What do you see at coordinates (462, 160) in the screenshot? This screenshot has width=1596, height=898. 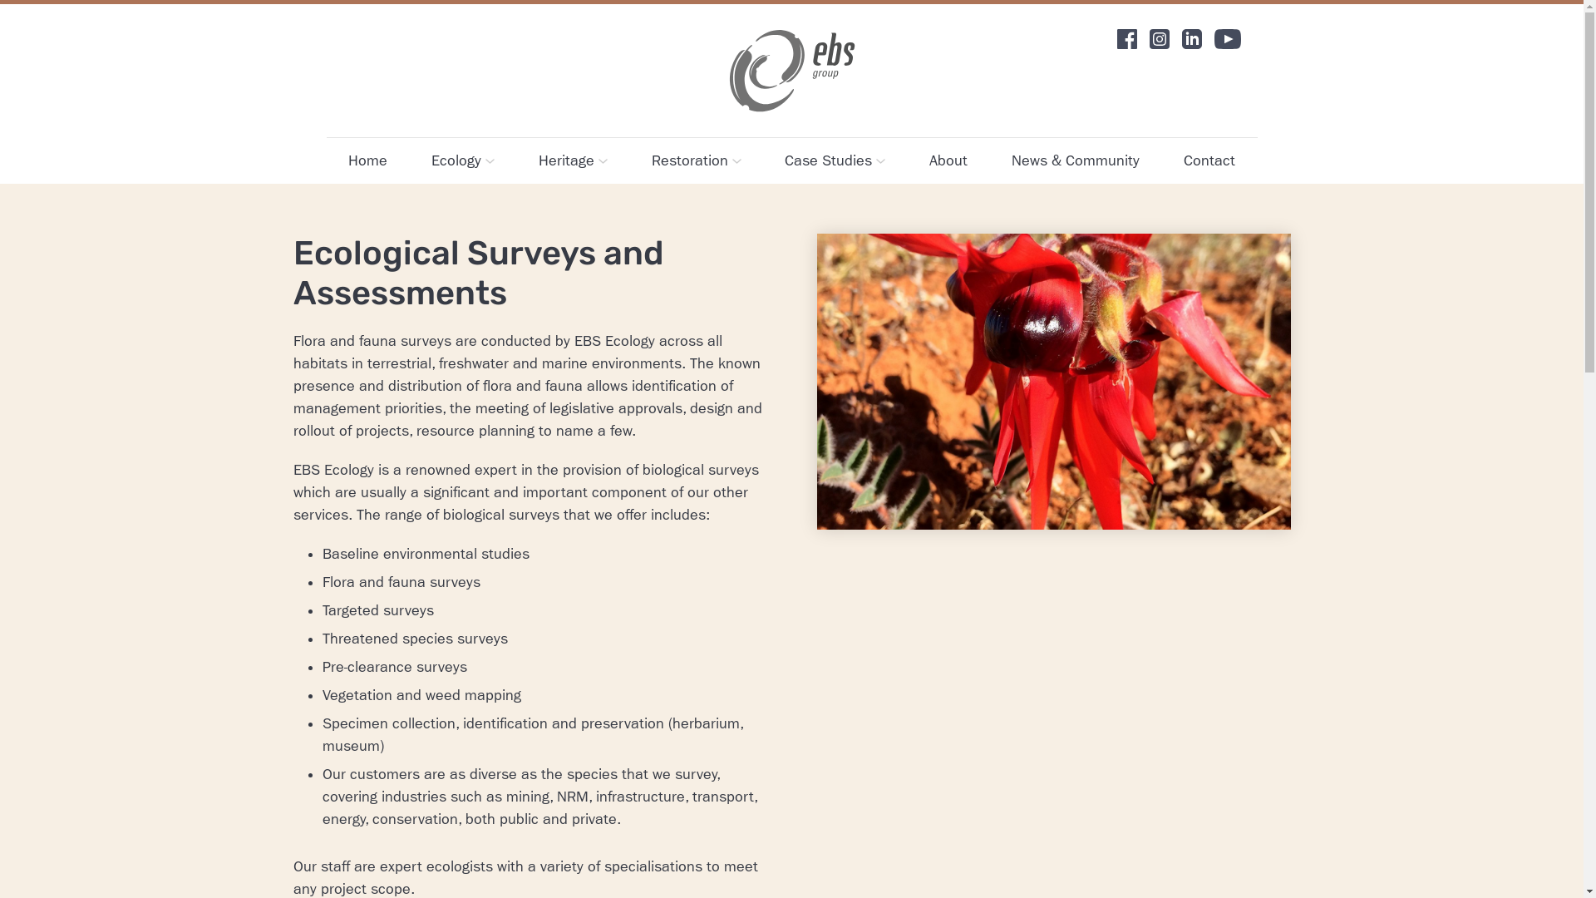 I see `'Ecology'` at bounding box center [462, 160].